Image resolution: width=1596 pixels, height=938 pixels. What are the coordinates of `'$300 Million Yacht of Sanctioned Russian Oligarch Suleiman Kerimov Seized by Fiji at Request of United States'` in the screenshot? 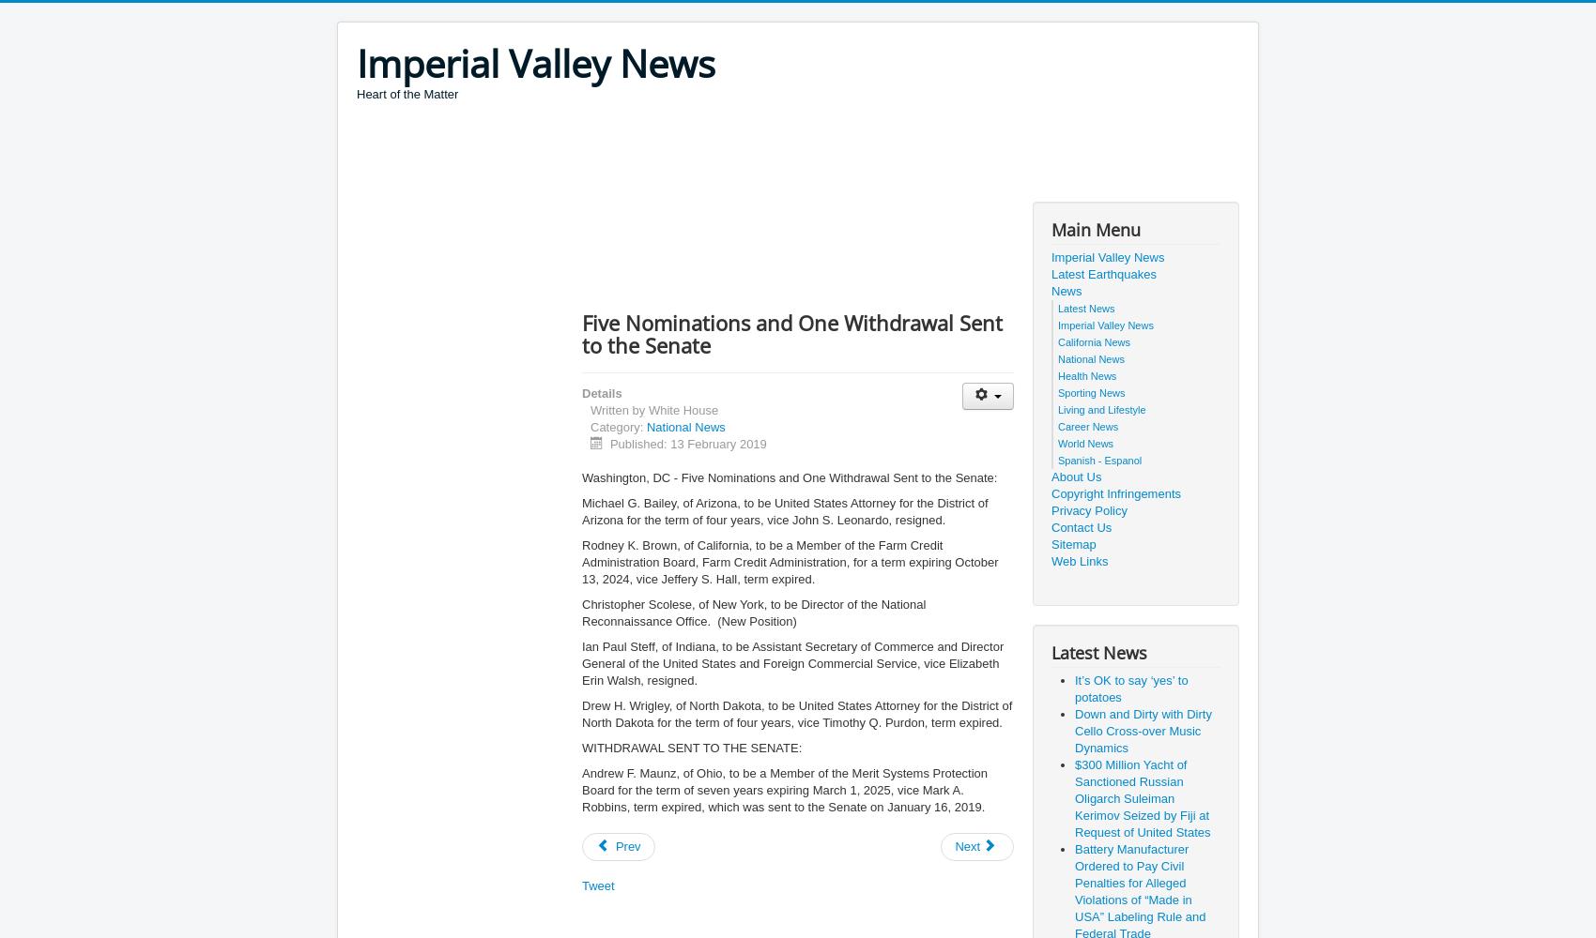 It's located at (1142, 797).